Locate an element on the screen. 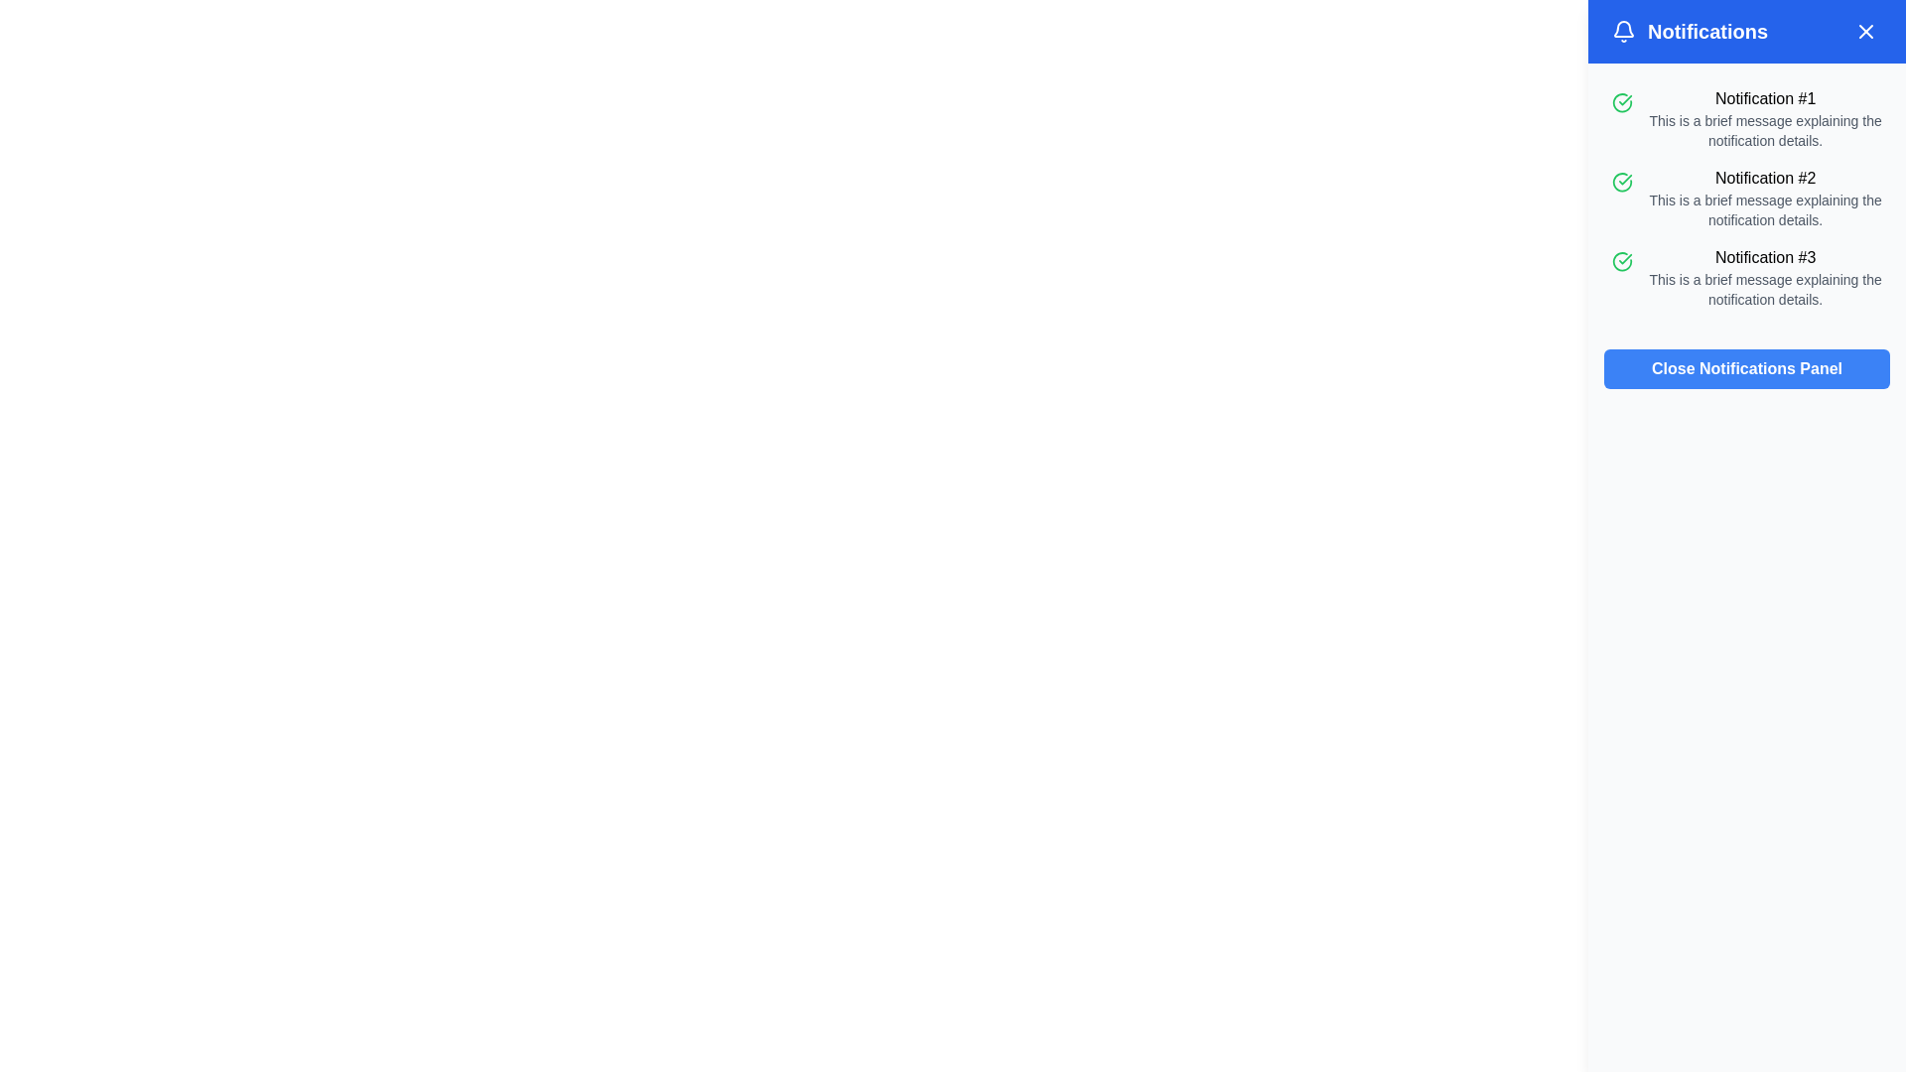 The image size is (1906, 1072). the blue circular button with a white cross ('X') icon in the top-right corner of the notification panel header is located at coordinates (1865, 31).